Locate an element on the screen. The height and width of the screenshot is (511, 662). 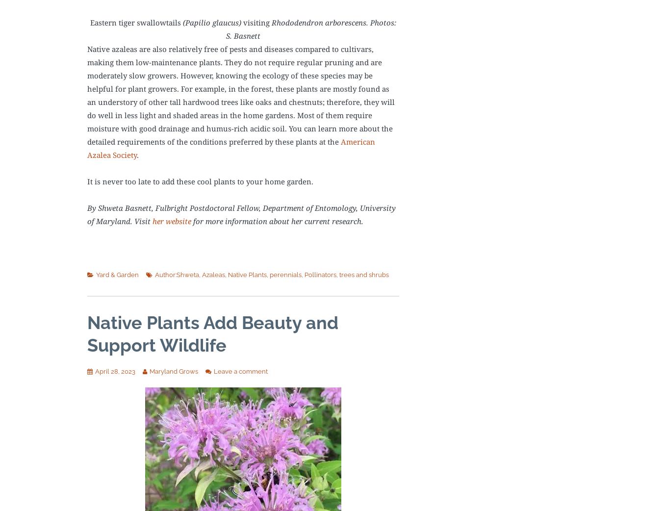
'(Papilio glaucus)' is located at coordinates (211, 22).